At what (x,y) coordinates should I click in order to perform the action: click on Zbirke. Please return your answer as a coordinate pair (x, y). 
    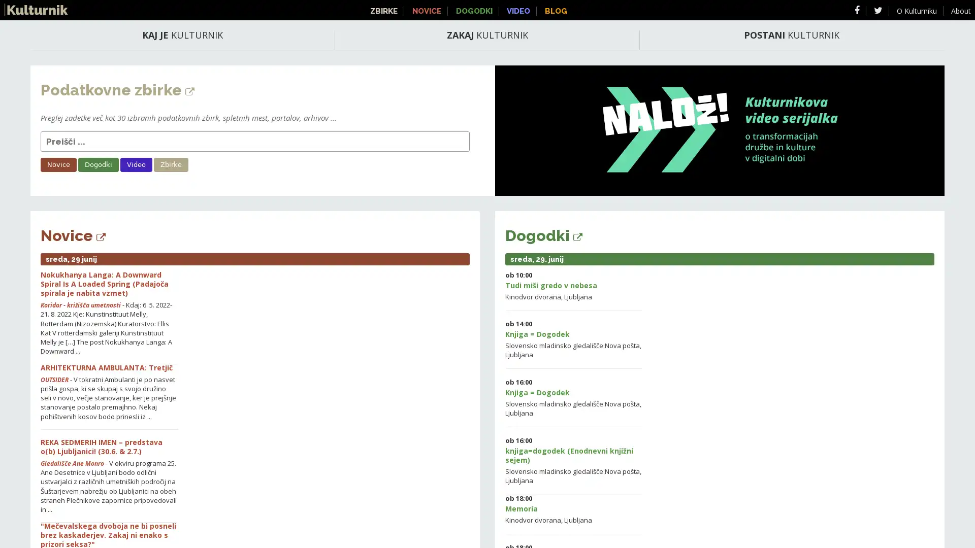
    Looking at the image, I should click on (171, 164).